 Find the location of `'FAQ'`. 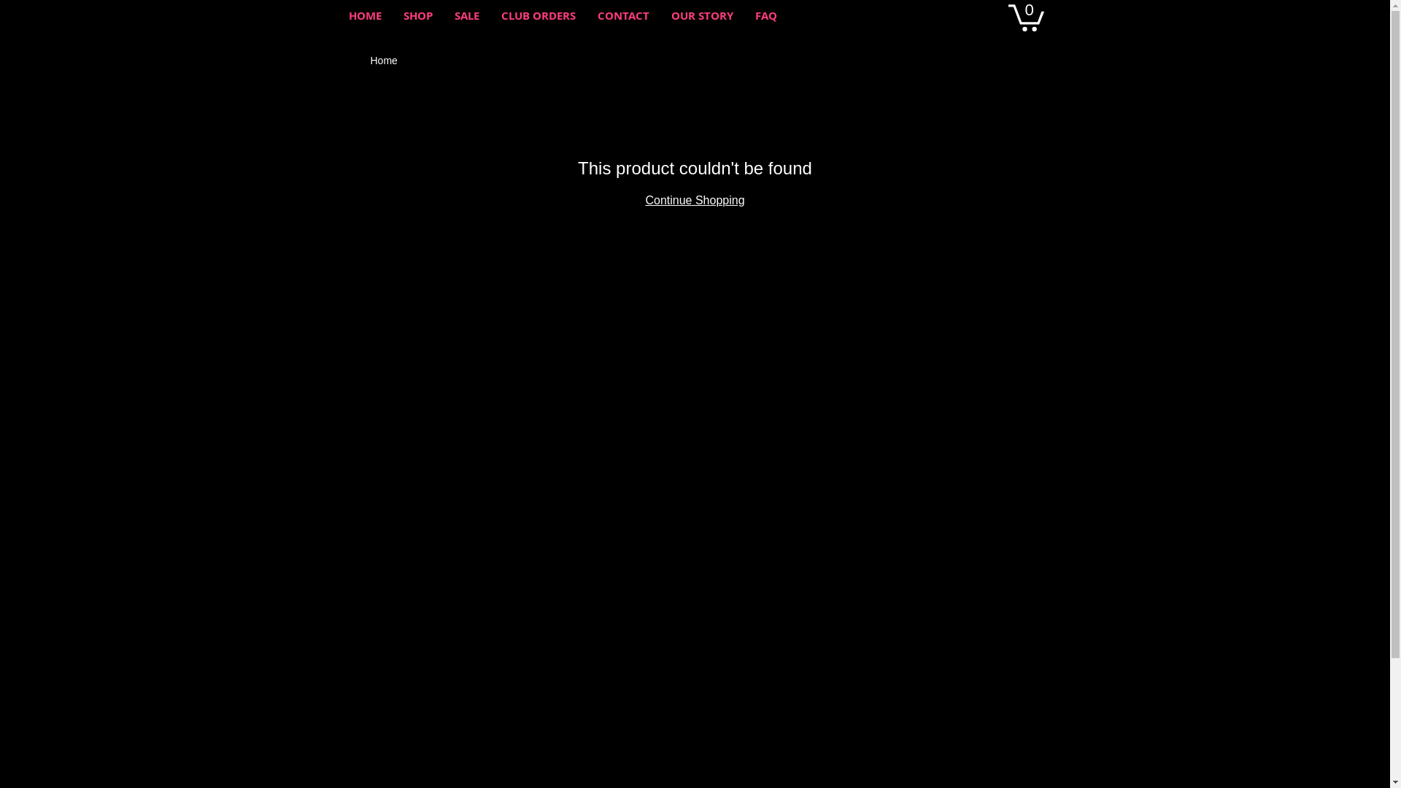

'FAQ' is located at coordinates (765, 16).